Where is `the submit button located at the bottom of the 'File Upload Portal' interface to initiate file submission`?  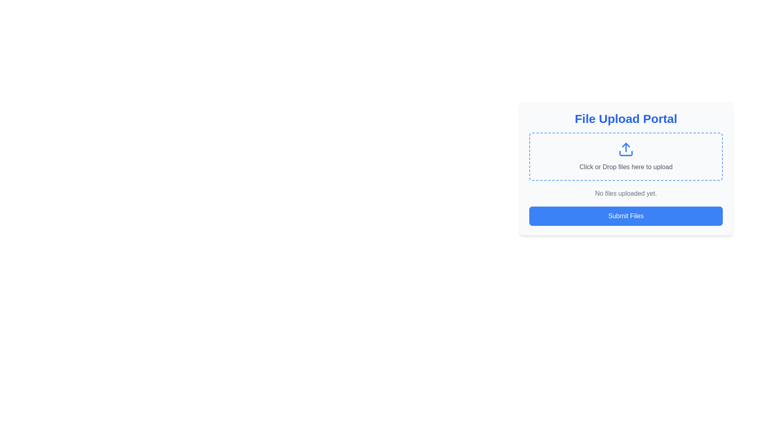 the submit button located at the bottom of the 'File Upload Portal' interface to initiate file submission is located at coordinates (626, 215).